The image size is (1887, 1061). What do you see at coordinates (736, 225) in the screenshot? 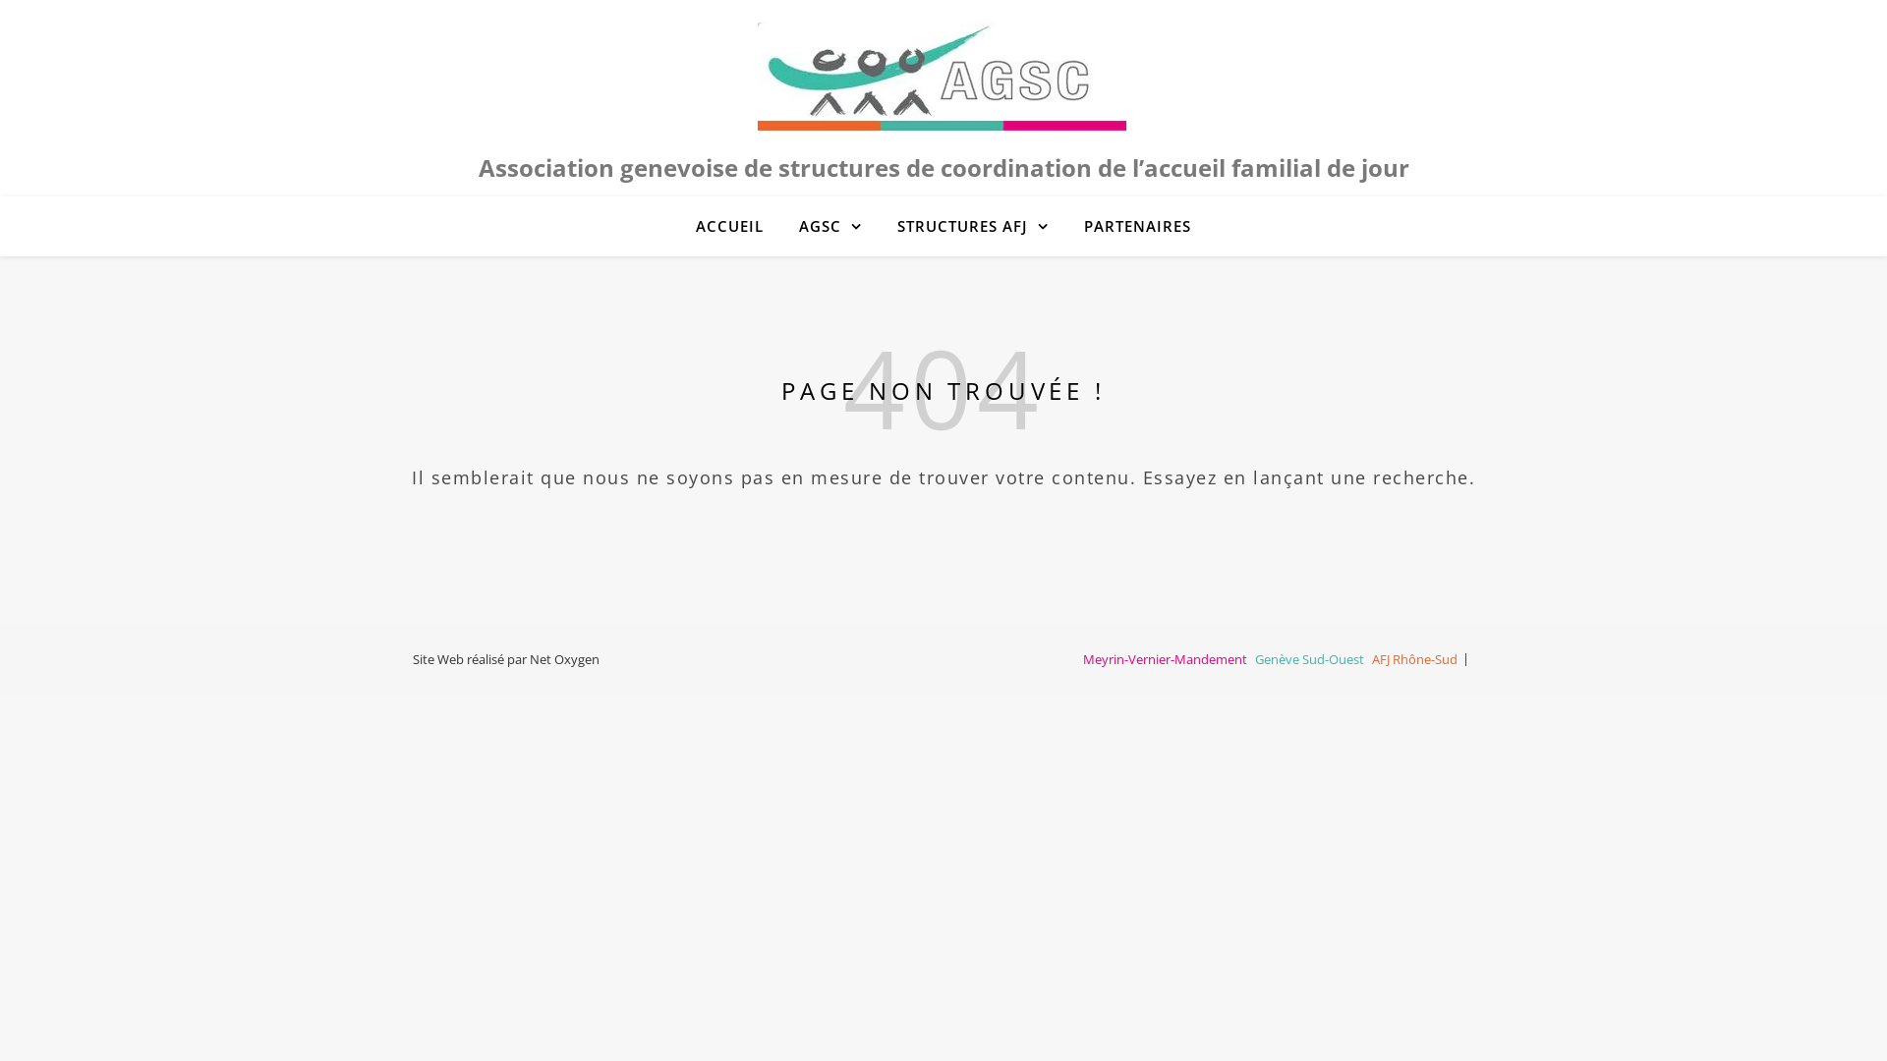
I see `'ACCUEIL'` at bounding box center [736, 225].